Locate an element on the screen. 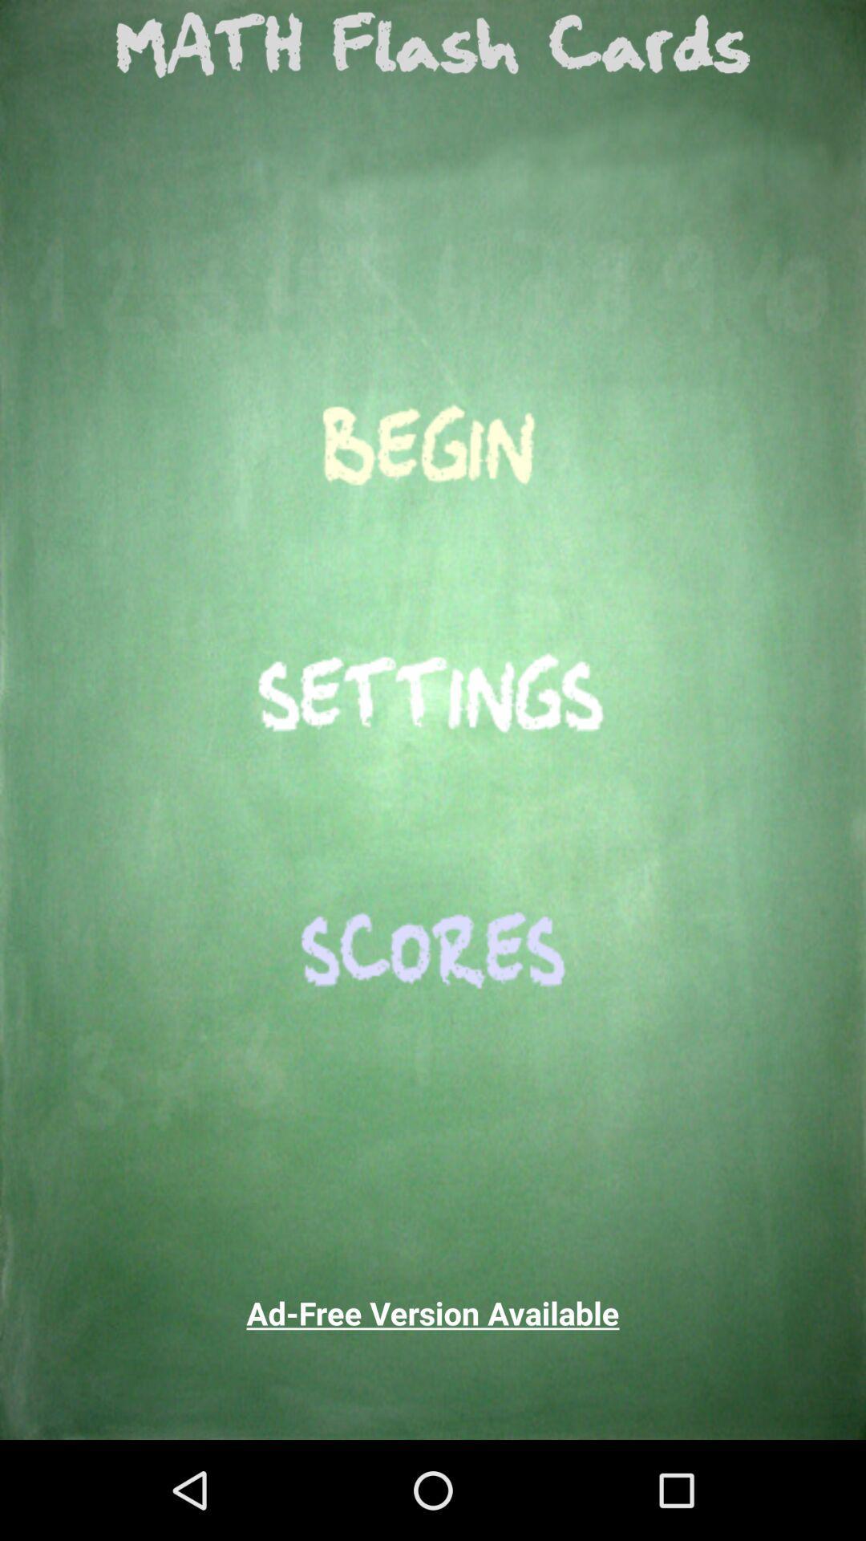 Image resolution: width=866 pixels, height=1541 pixels. the ad free version at the bottom is located at coordinates (433, 1313).